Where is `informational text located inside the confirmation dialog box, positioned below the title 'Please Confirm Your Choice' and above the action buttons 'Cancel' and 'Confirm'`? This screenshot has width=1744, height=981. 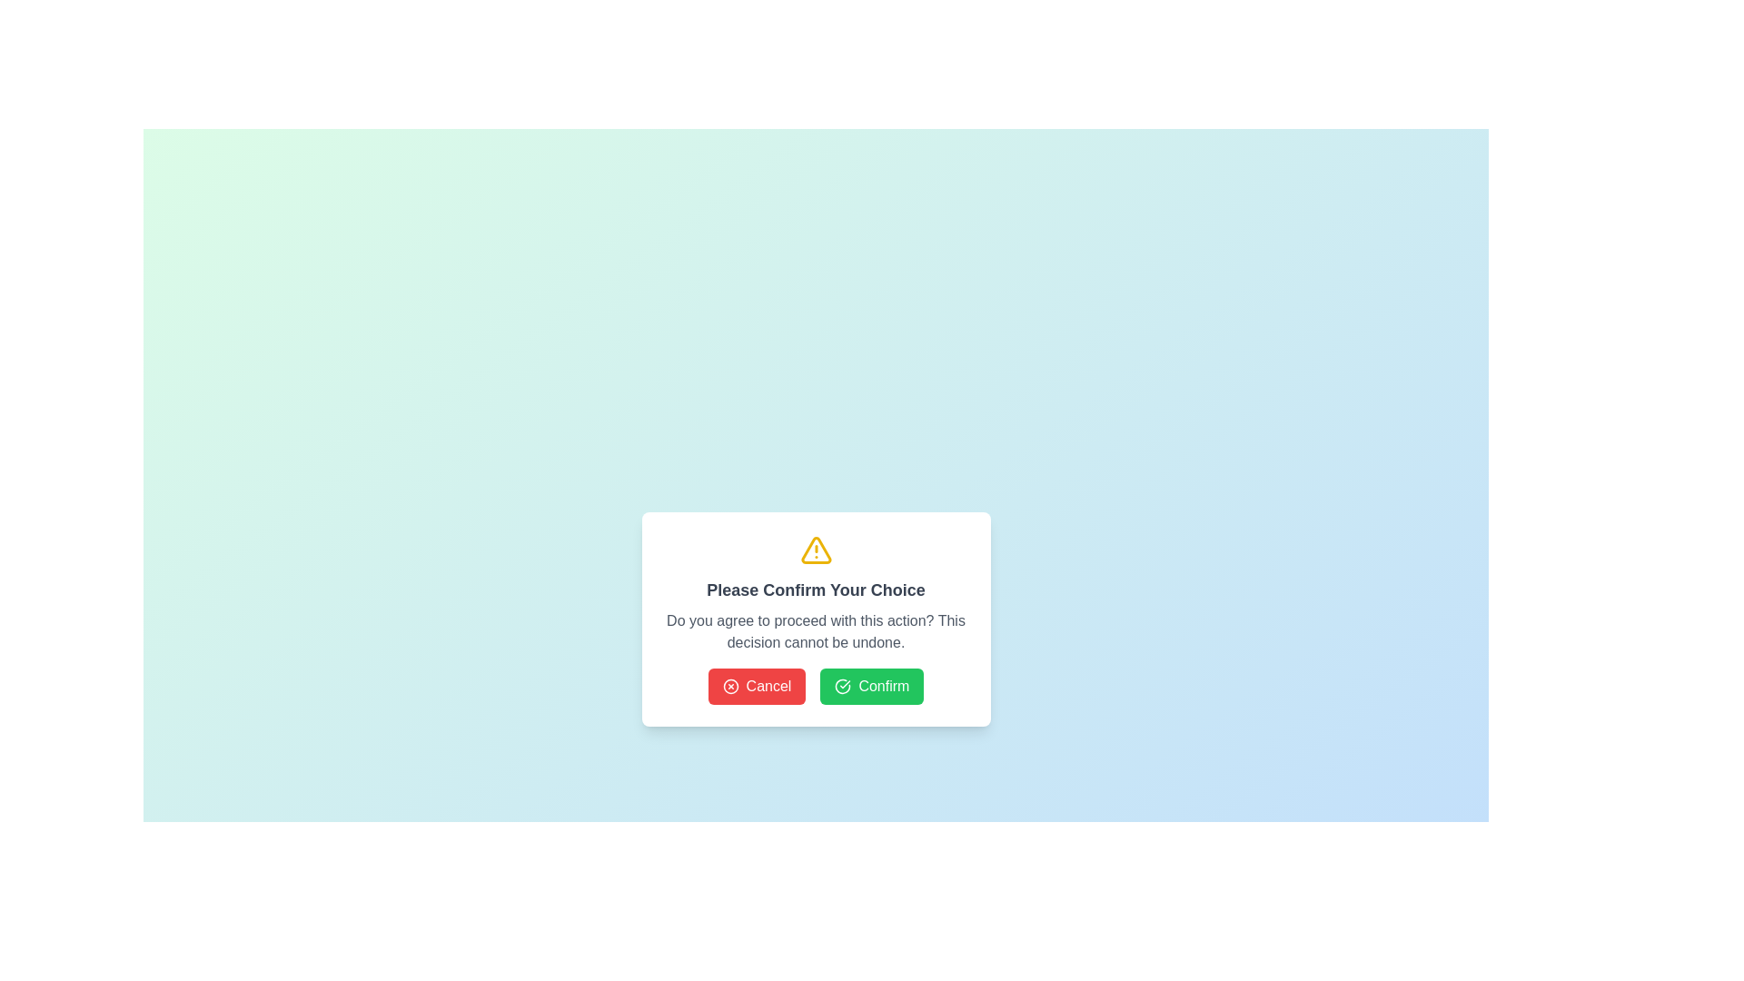 informational text located inside the confirmation dialog box, positioned below the title 'Please Confirm Your Choice' and above the action buttons 'Cancel' and 'Confirm' is located at coordinates (815, 630).